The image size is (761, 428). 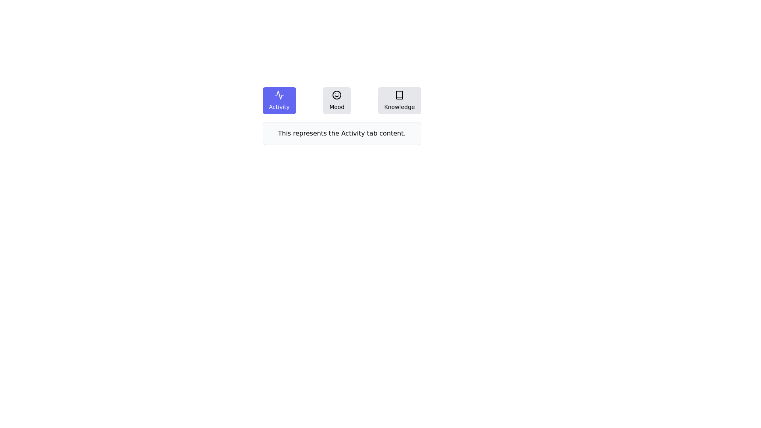 I want to click on the 'Knowledge' icon located centrally above the label 'Knowledge', so click(x=400, y=94).